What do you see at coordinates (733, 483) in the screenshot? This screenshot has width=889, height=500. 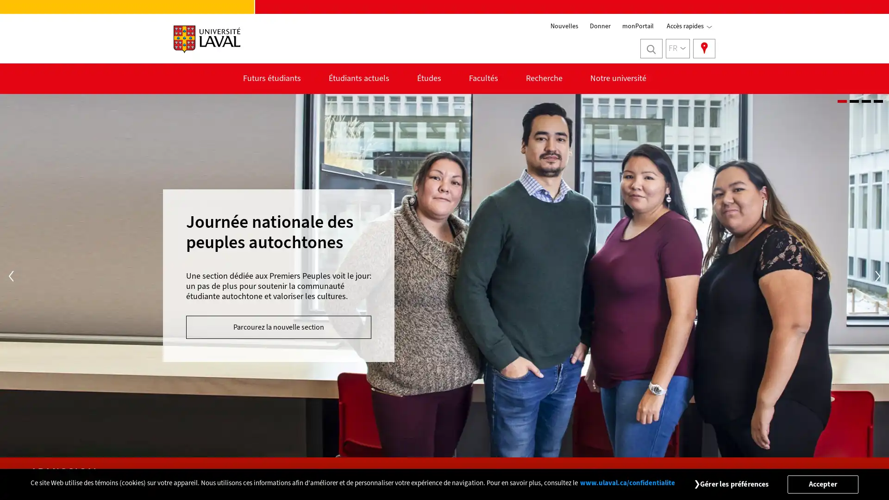 I see `Gerer les preferences` at bounding box center [733, 483].